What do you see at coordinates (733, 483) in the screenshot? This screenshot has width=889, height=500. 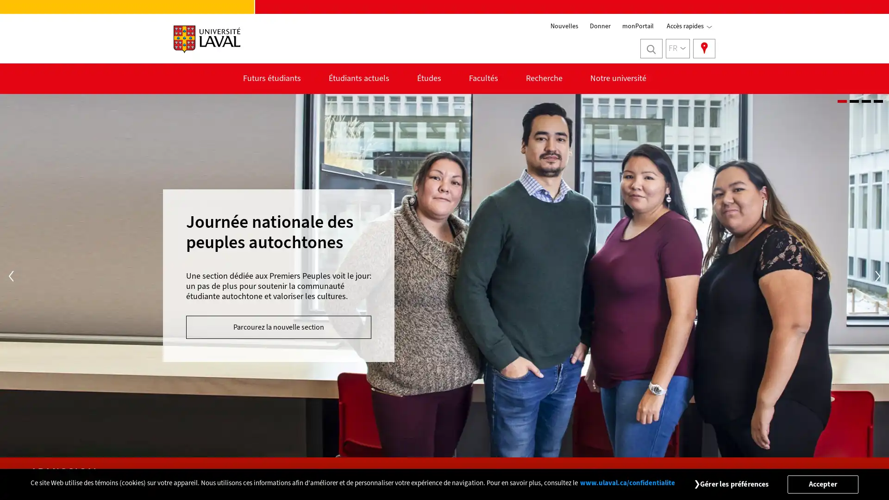 I see `Gerer les preferences` at bounding box center [733, 483].